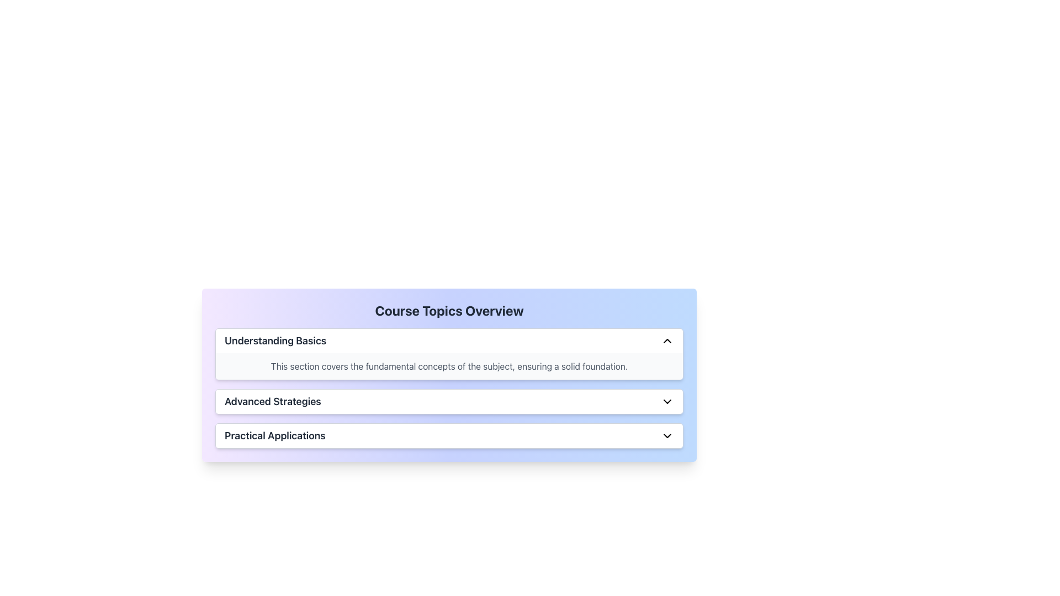 Image resolution: width=1060 pixels, height=596 pixels. Describe the element at coordinates (449, 388) in the screenshot. I see `the 'Advanced Strategies' collapsible section` at that location.